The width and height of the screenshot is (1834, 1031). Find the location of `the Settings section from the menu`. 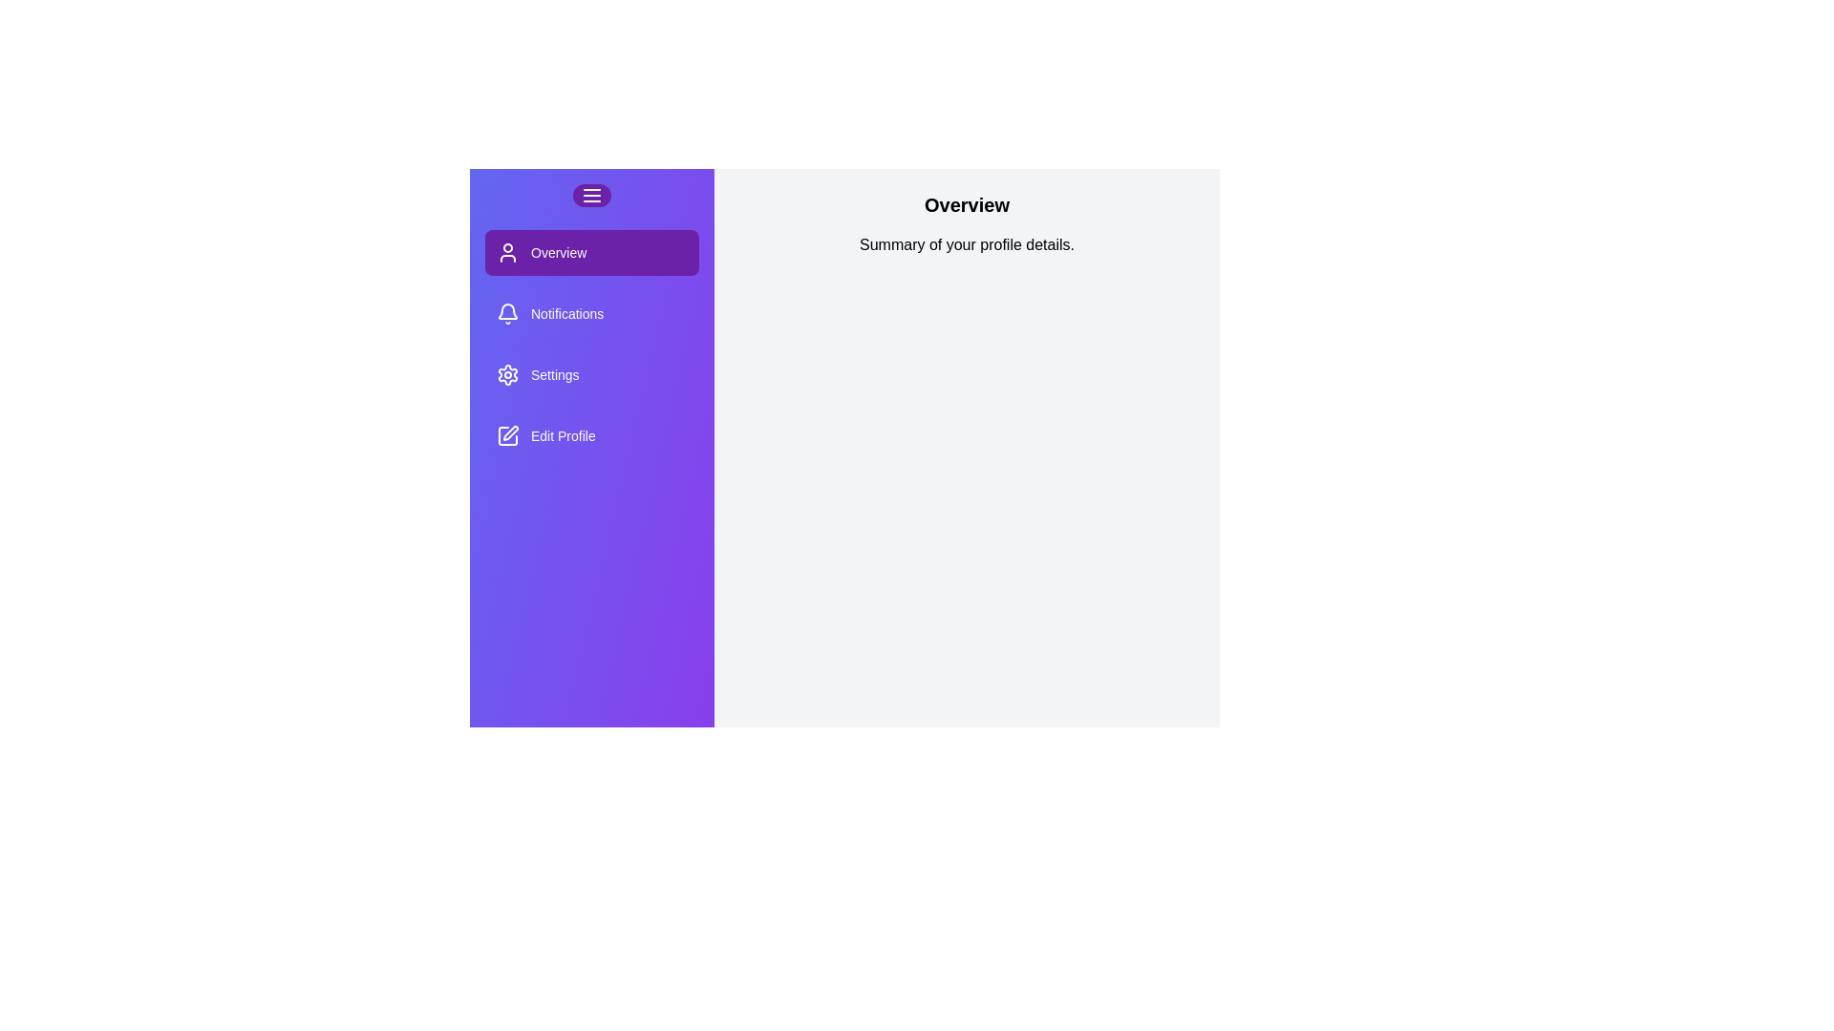

the Settings section from the menu is located at coordinates (590, 375).